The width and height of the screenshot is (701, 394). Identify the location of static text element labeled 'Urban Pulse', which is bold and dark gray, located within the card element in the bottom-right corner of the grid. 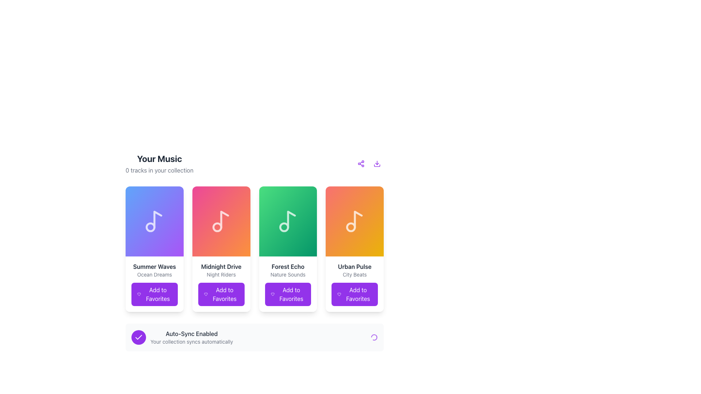
(355, 267).